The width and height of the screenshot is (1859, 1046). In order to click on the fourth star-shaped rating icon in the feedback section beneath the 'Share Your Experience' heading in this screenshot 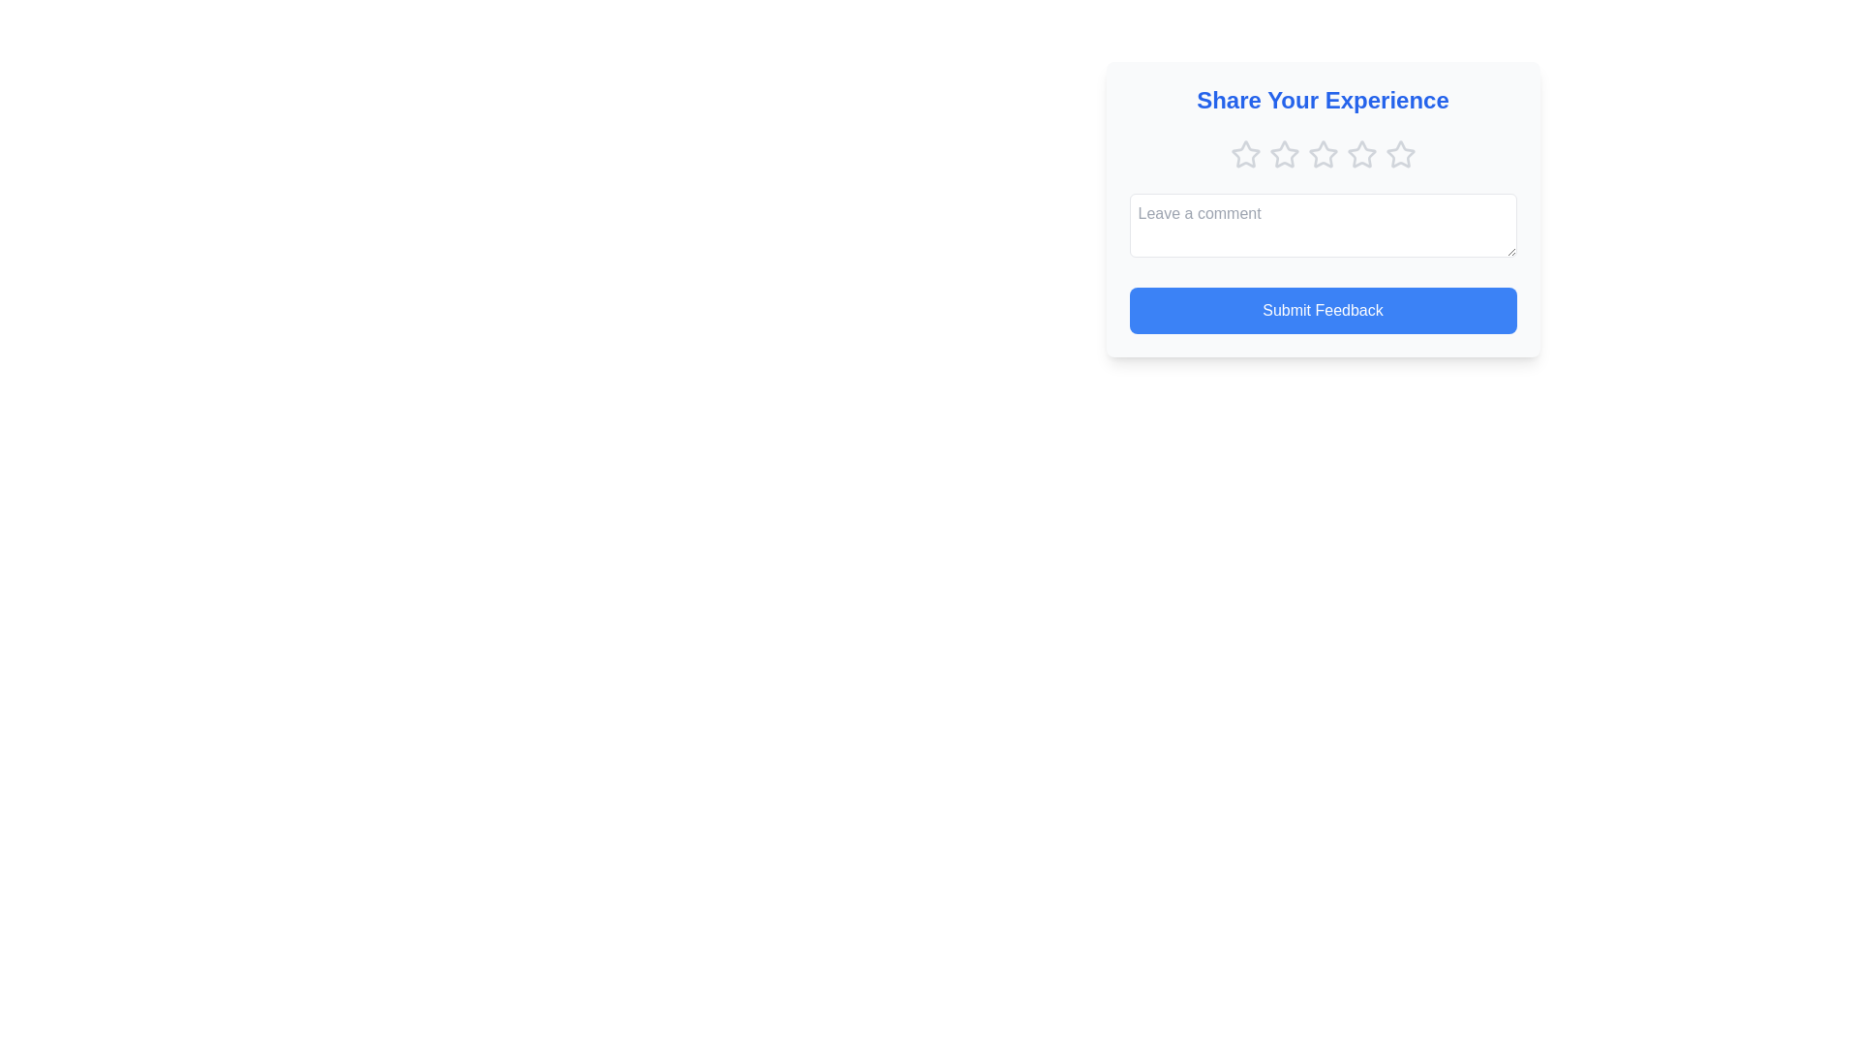, I will do `click(1322, 153)`.